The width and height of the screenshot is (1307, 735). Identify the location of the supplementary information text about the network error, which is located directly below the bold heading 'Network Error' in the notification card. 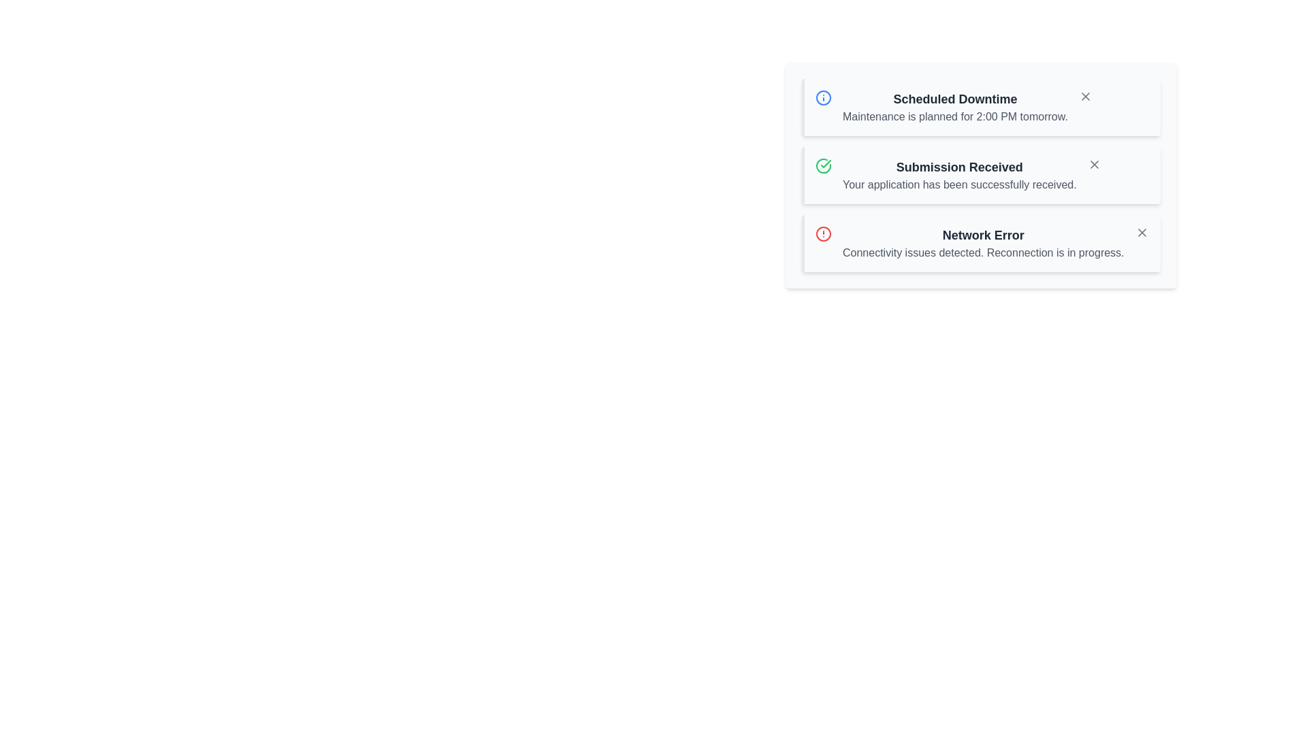
(983, 252).